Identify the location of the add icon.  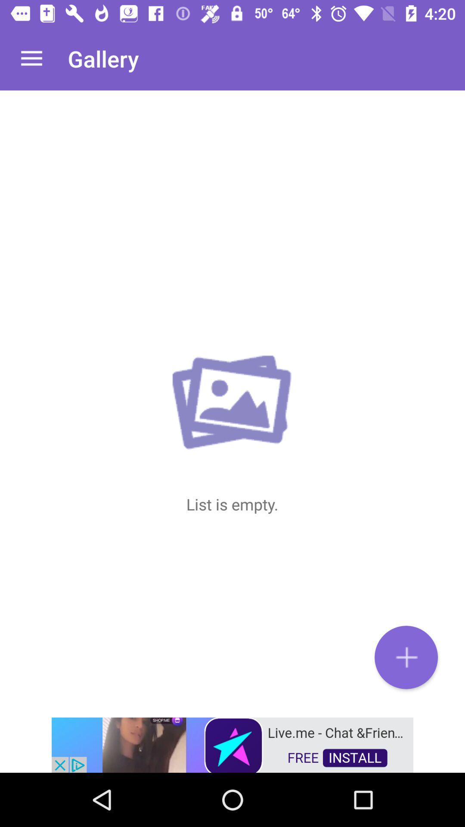
(406, 657).